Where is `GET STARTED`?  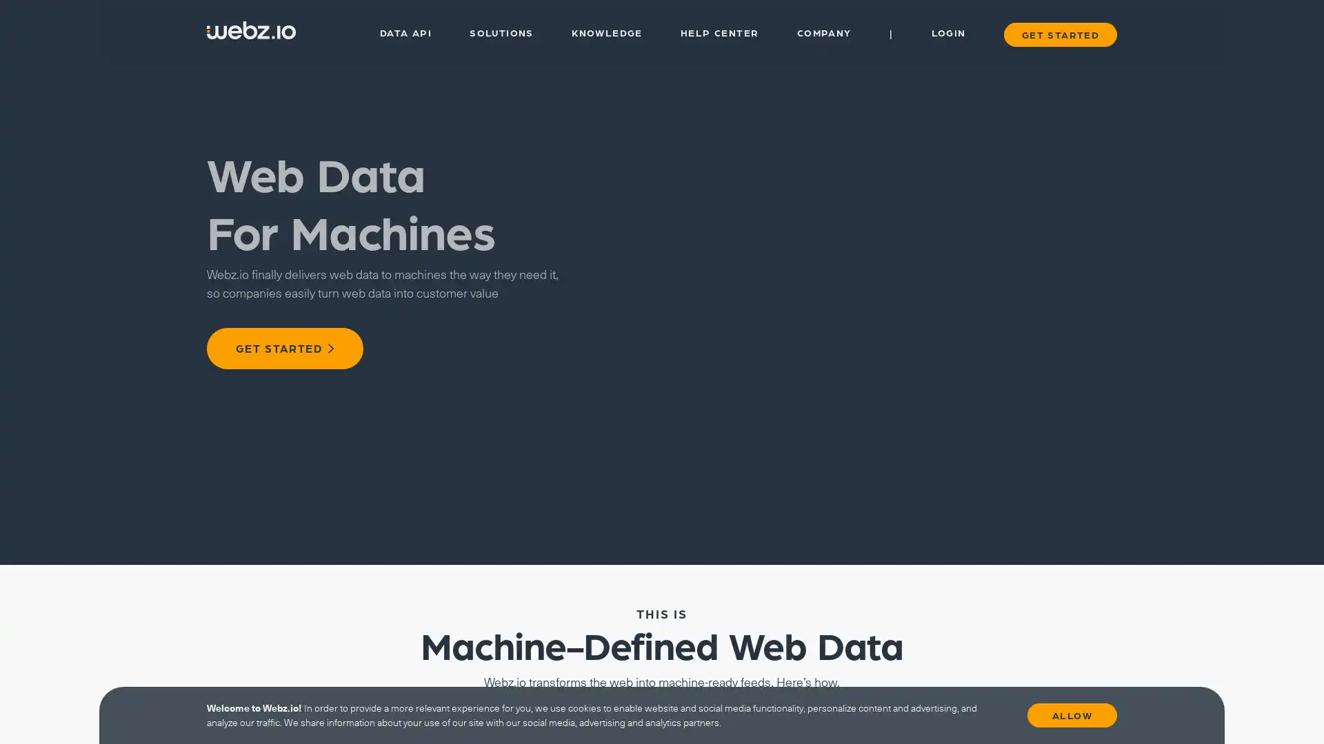
GET STARTED is located at coordinates (284, 347).